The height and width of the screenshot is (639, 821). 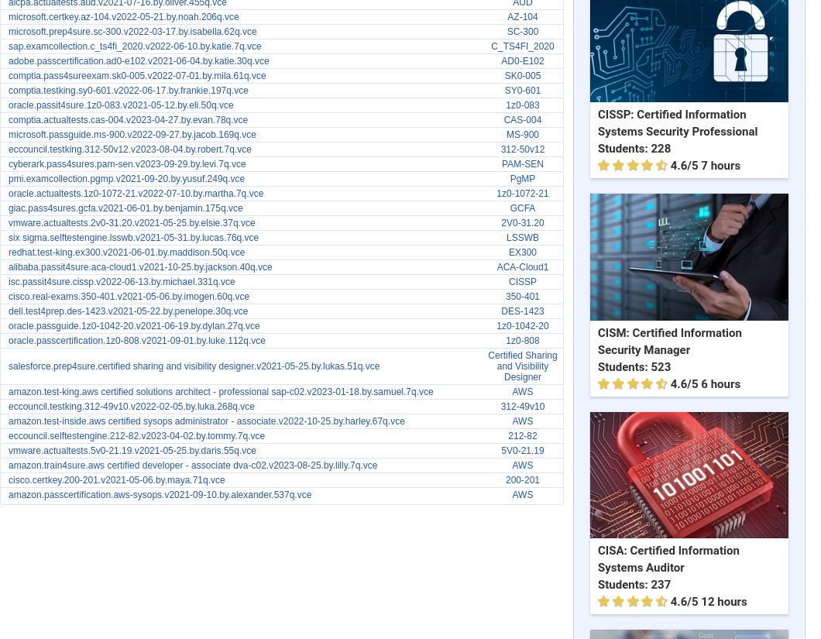 What do you see at coordinates (521, 32) in the screenshot?
I see `'SC-300'` at bounding box center [521, 32].